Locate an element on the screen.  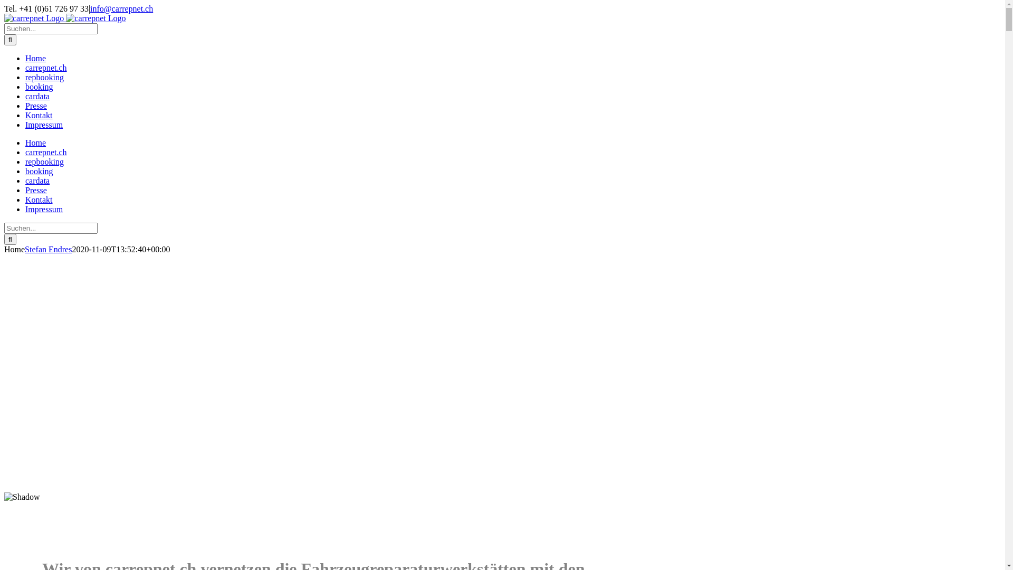
'carrepnet.ch' is located at coordinates (45, 152).